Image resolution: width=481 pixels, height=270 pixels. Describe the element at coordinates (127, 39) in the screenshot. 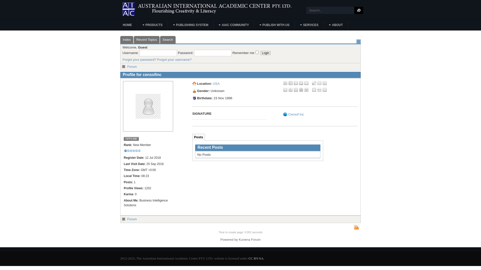

I see `'Index'` at that location.